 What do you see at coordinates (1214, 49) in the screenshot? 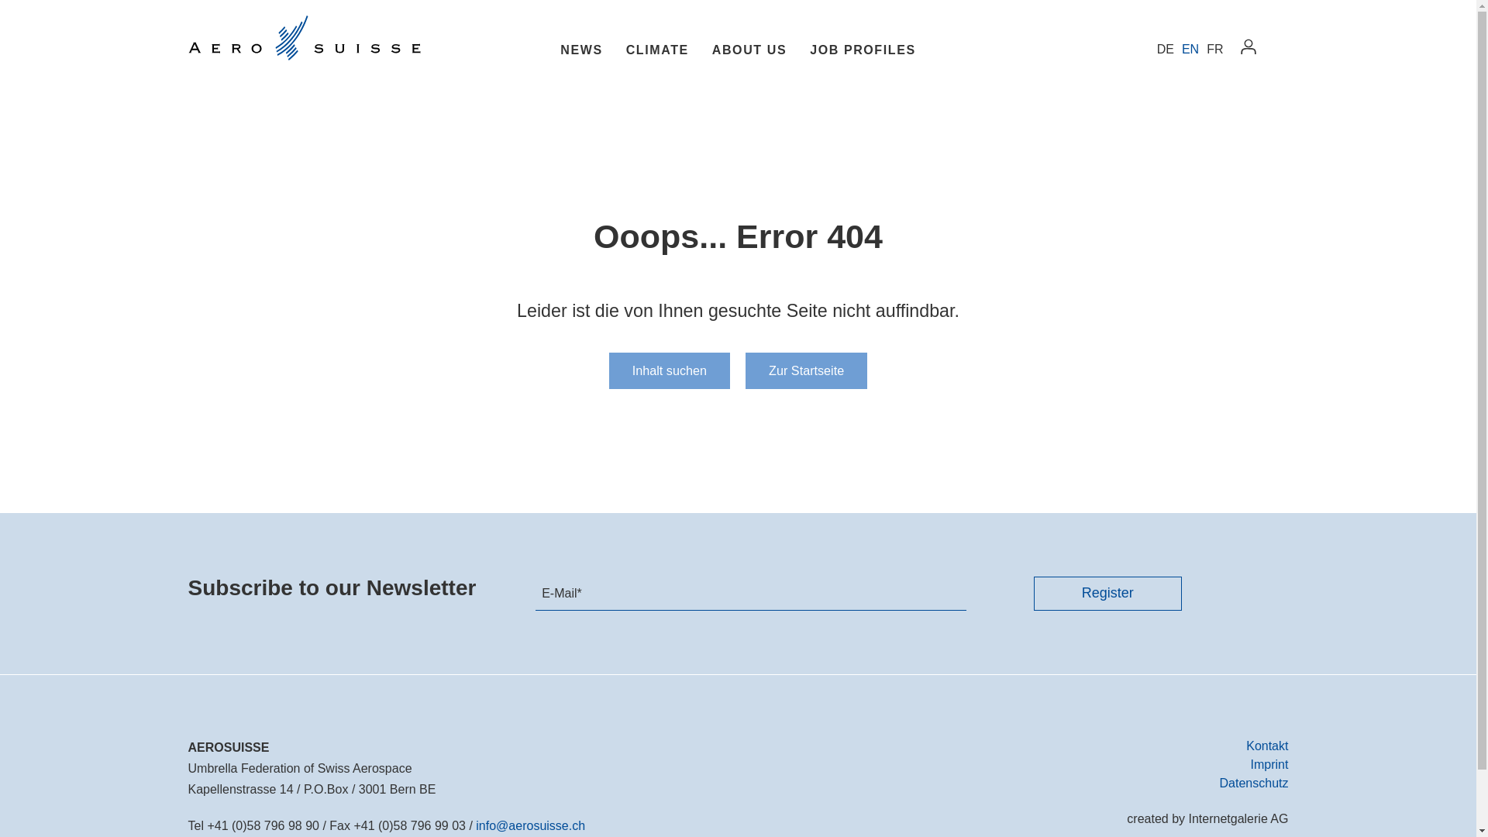
I see `'FR'` at bounding box center [1214, 49].